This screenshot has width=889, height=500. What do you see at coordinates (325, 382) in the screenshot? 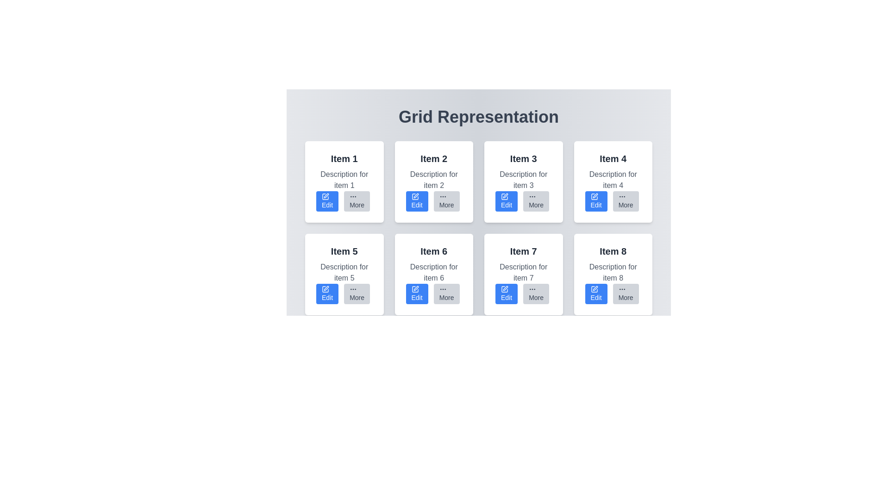
I see `the outlined square icon with rounded corners located under the card labelled 'Item 5' in the bottom row of the grid for accessibility navigation` at bounding box center [325, 382].